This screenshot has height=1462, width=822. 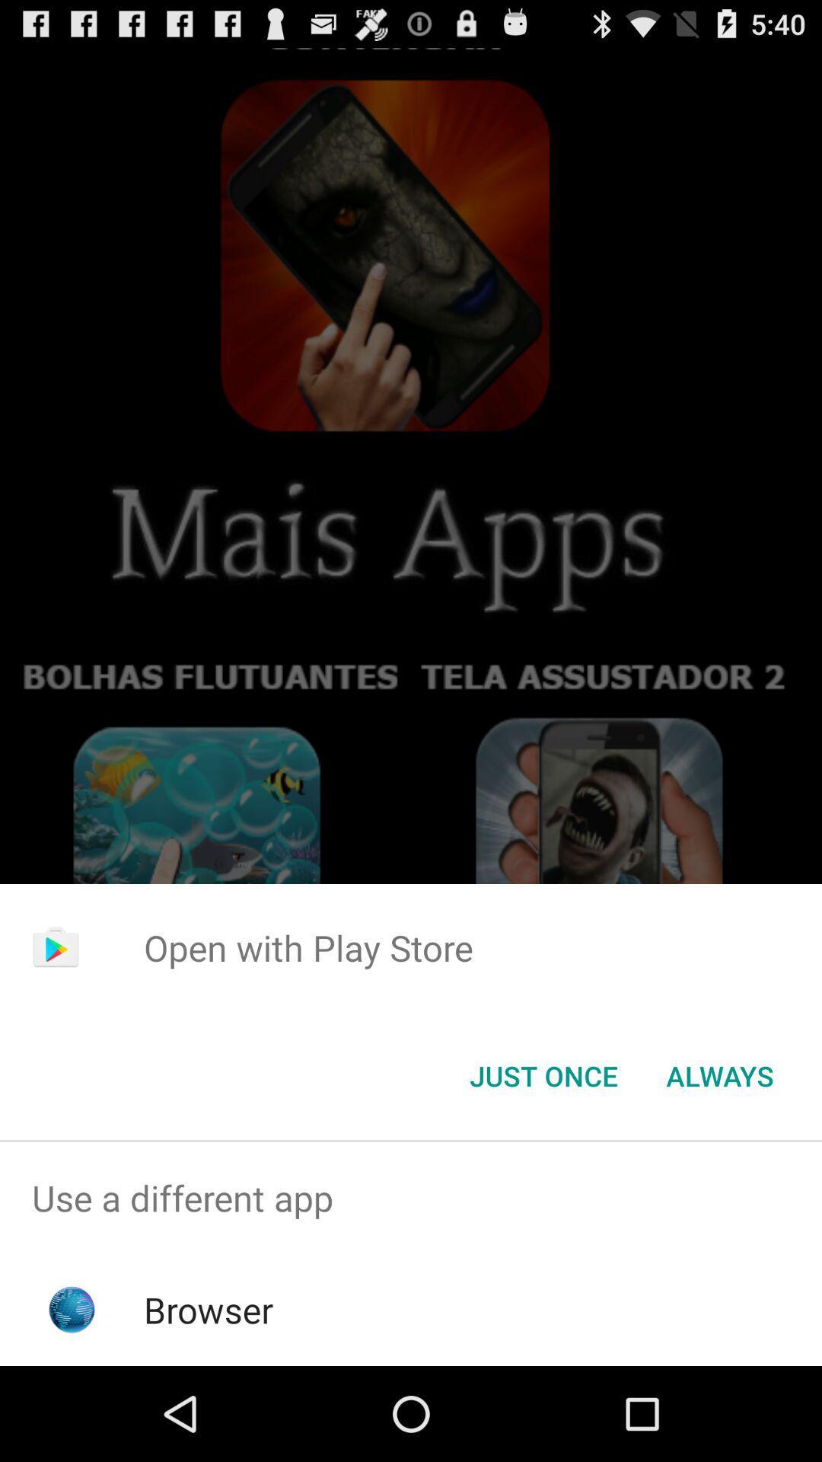 I want to click on always item, so click(x=719, y=1074).